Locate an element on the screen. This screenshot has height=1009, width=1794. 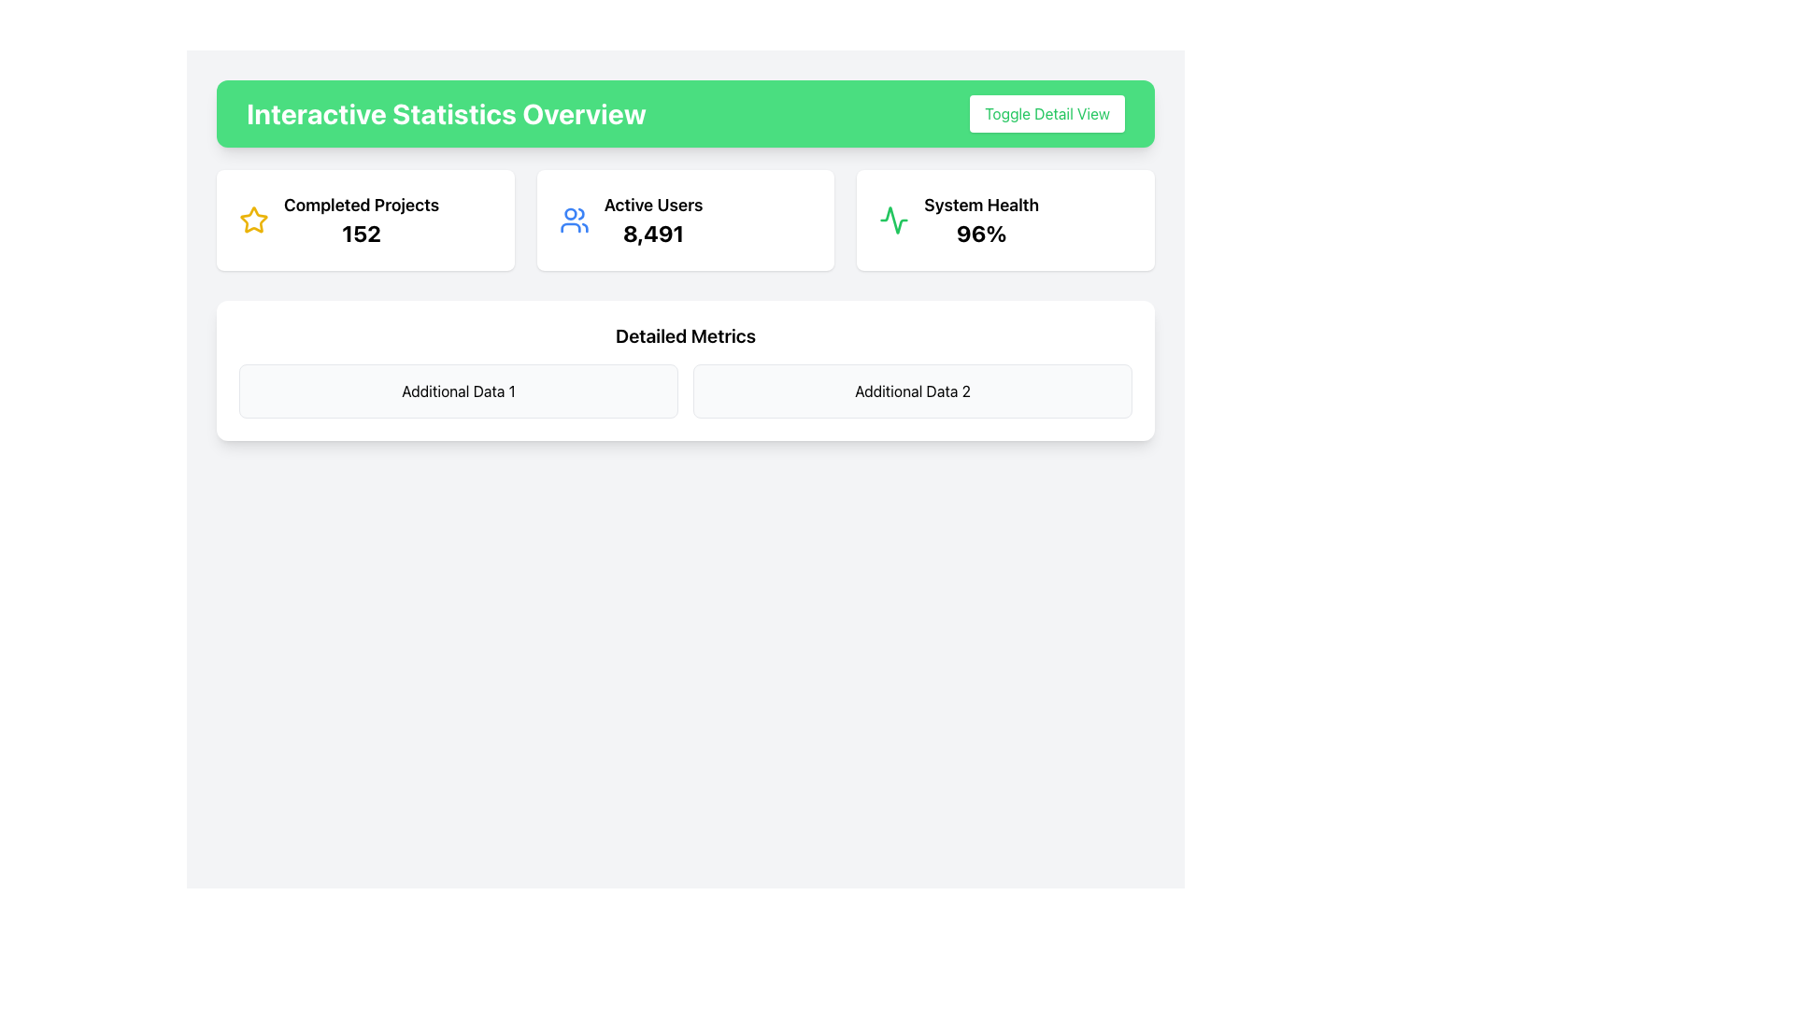
the green outlined oscillating waveform icon located in the 'System Health' module, adjacent to the '96%' text is located at coordinates (893, 219).